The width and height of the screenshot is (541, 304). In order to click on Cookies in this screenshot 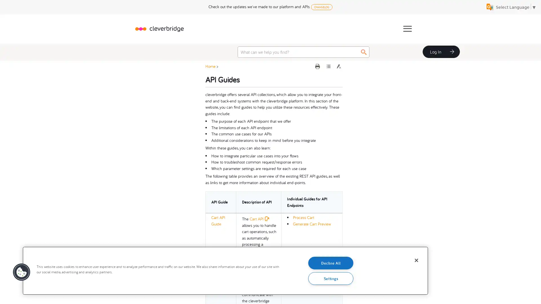, I will do `click(21, 272)`.